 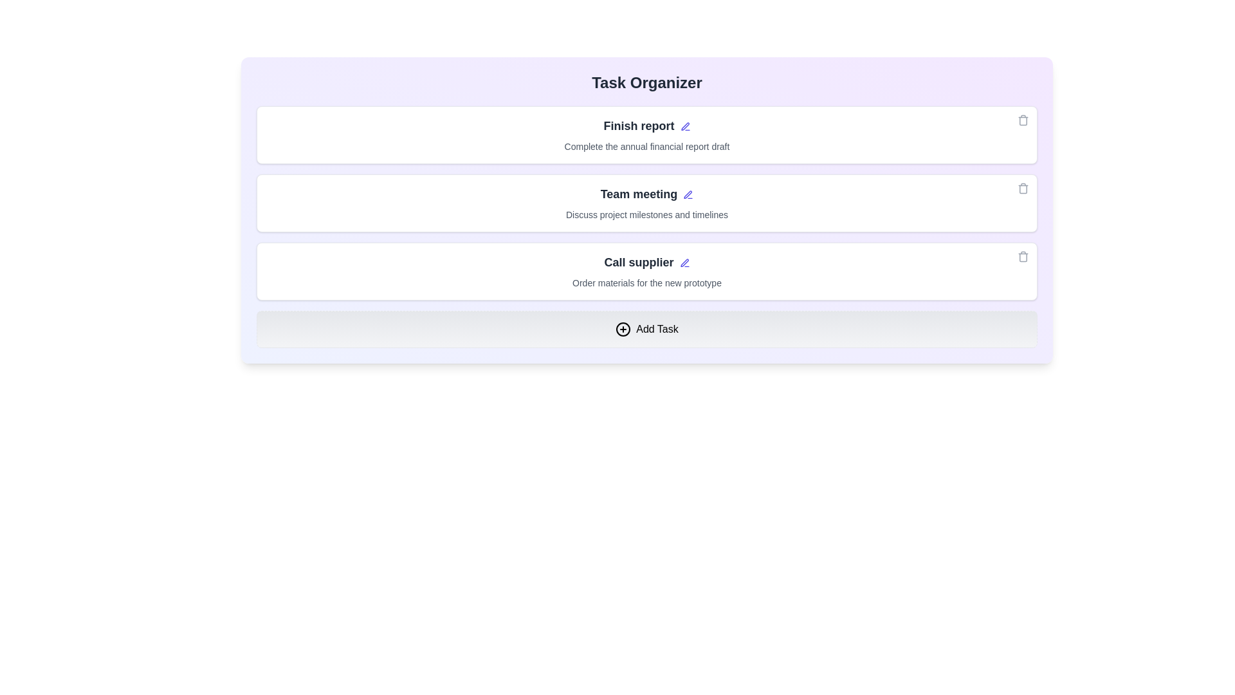 I want to click on the trash icon of the task card titled 'Call supplier' to delete the task, so click(x=1022, y=256).